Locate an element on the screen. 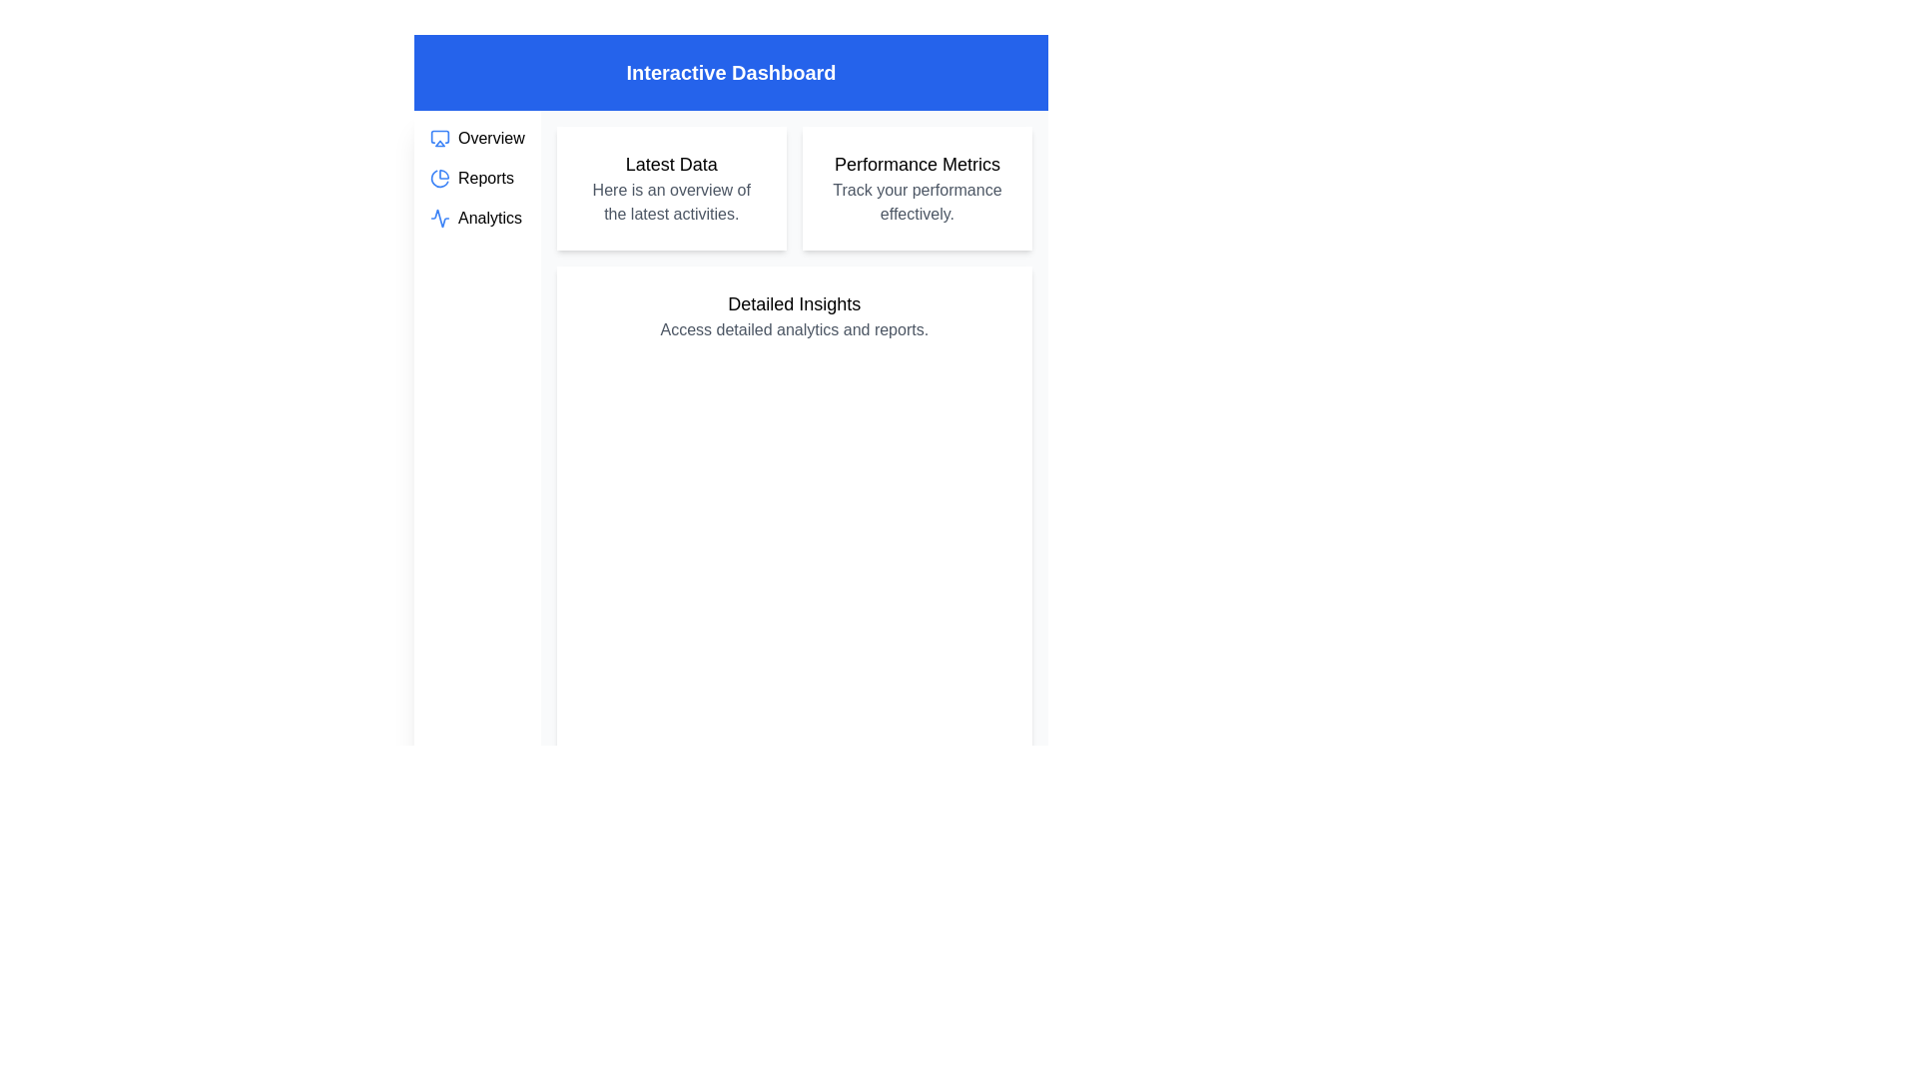  the bold text 'Interactive Dashboard' centered in the blue background banner at the top of the interface is located at coordinates (730, 72).